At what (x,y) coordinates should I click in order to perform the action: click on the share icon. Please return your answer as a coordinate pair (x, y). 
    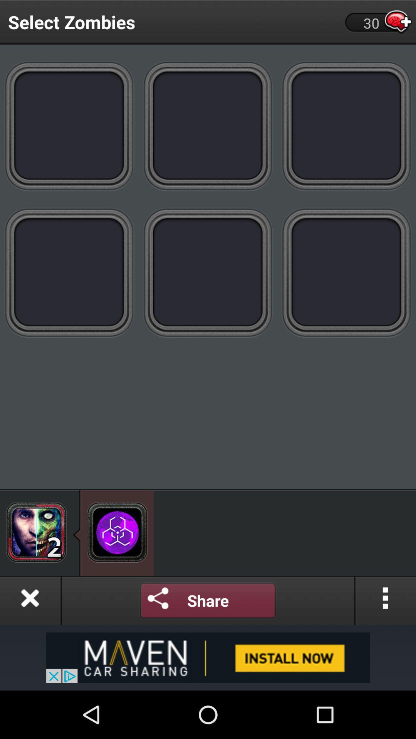
    Looking at the image, I should click on (158, 643).